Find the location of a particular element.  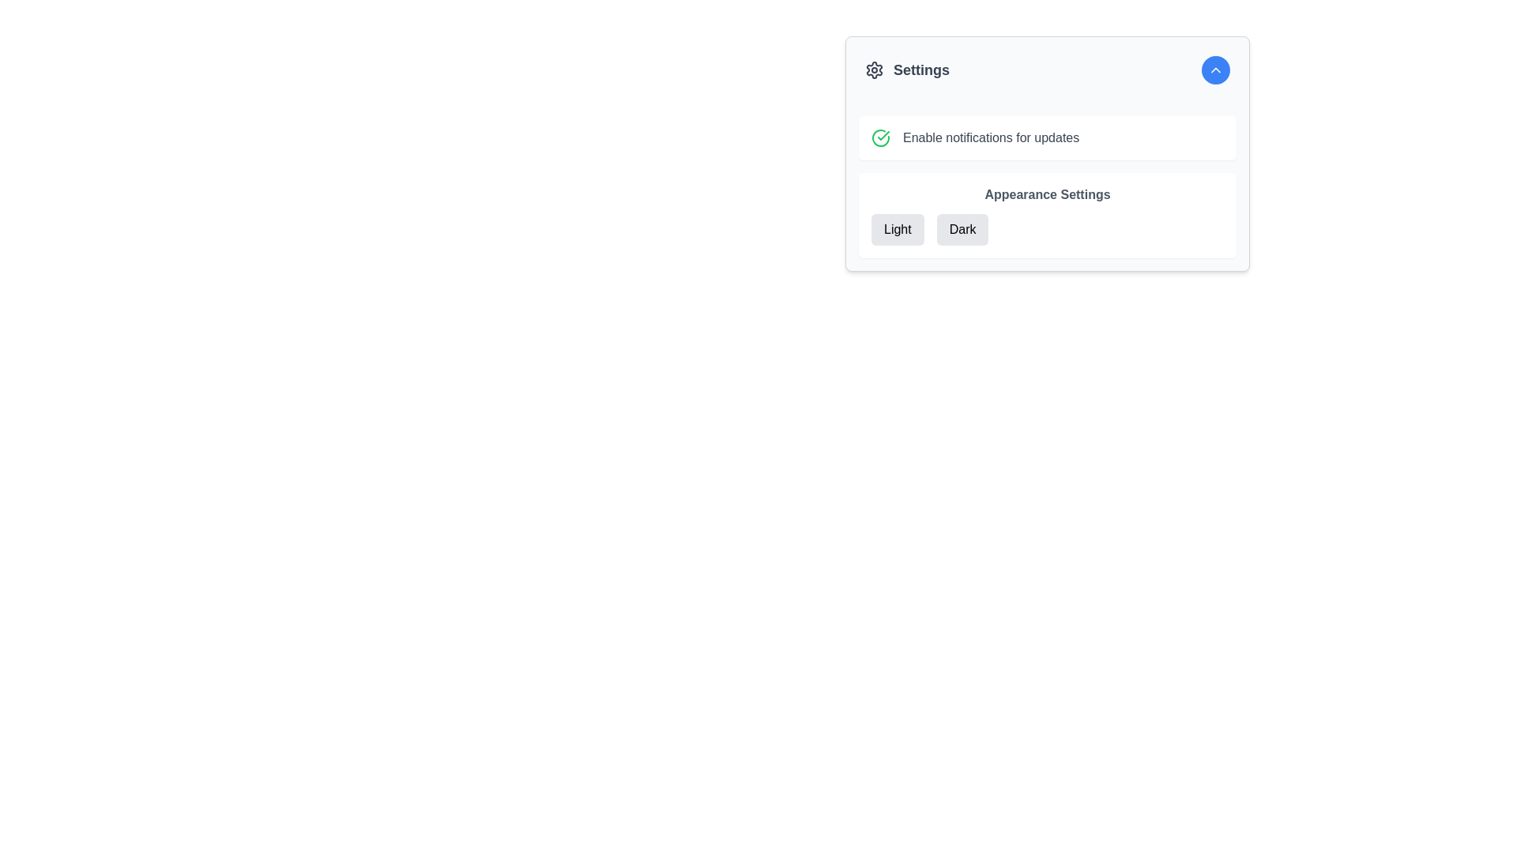

the notification indicator icon located to the left of the descriptive text in the 'Enable notifications for updates' section is located at coordinates (879, 137).